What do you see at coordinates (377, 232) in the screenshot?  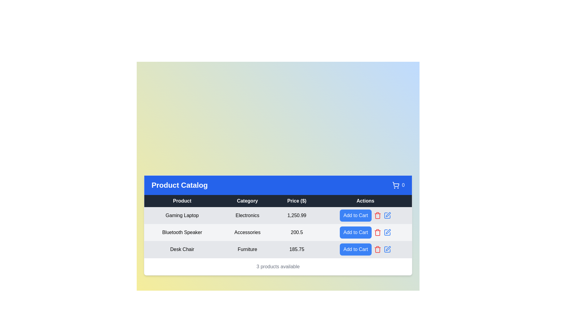 I see `the trash can icon button located in the third row of the Actions column in the product table` at bounding box center [377, 232].